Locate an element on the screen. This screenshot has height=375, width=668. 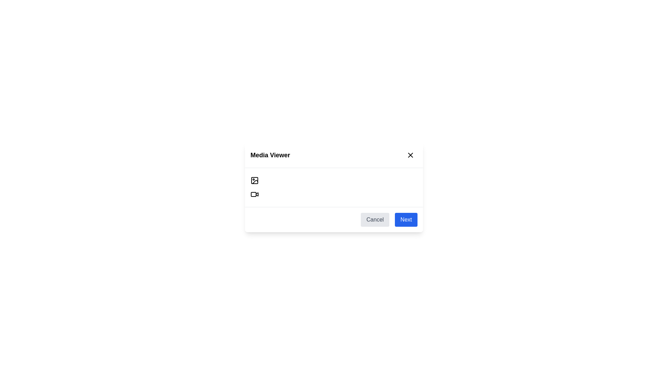
the Close icon located in the top-right corner of the dialog box to visualize the hover effect is located at coordinates (411, 155).